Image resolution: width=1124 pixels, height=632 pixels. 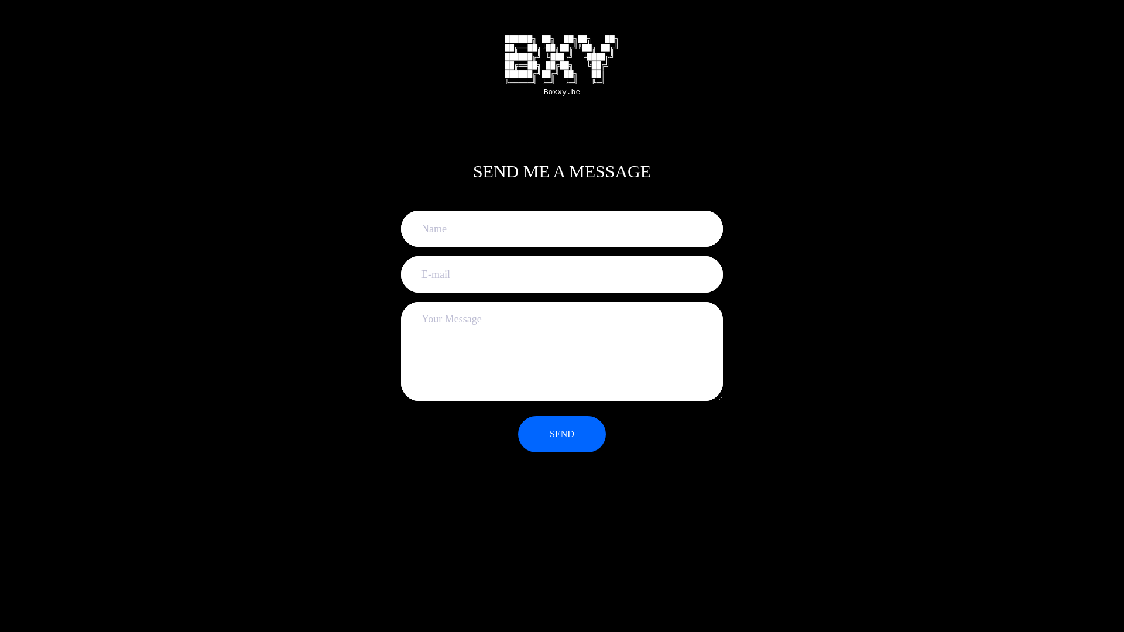 What do you see at coordinates (517, 434) in the screenshot?
I see `'SEND'` at bounding box center [517, 434].